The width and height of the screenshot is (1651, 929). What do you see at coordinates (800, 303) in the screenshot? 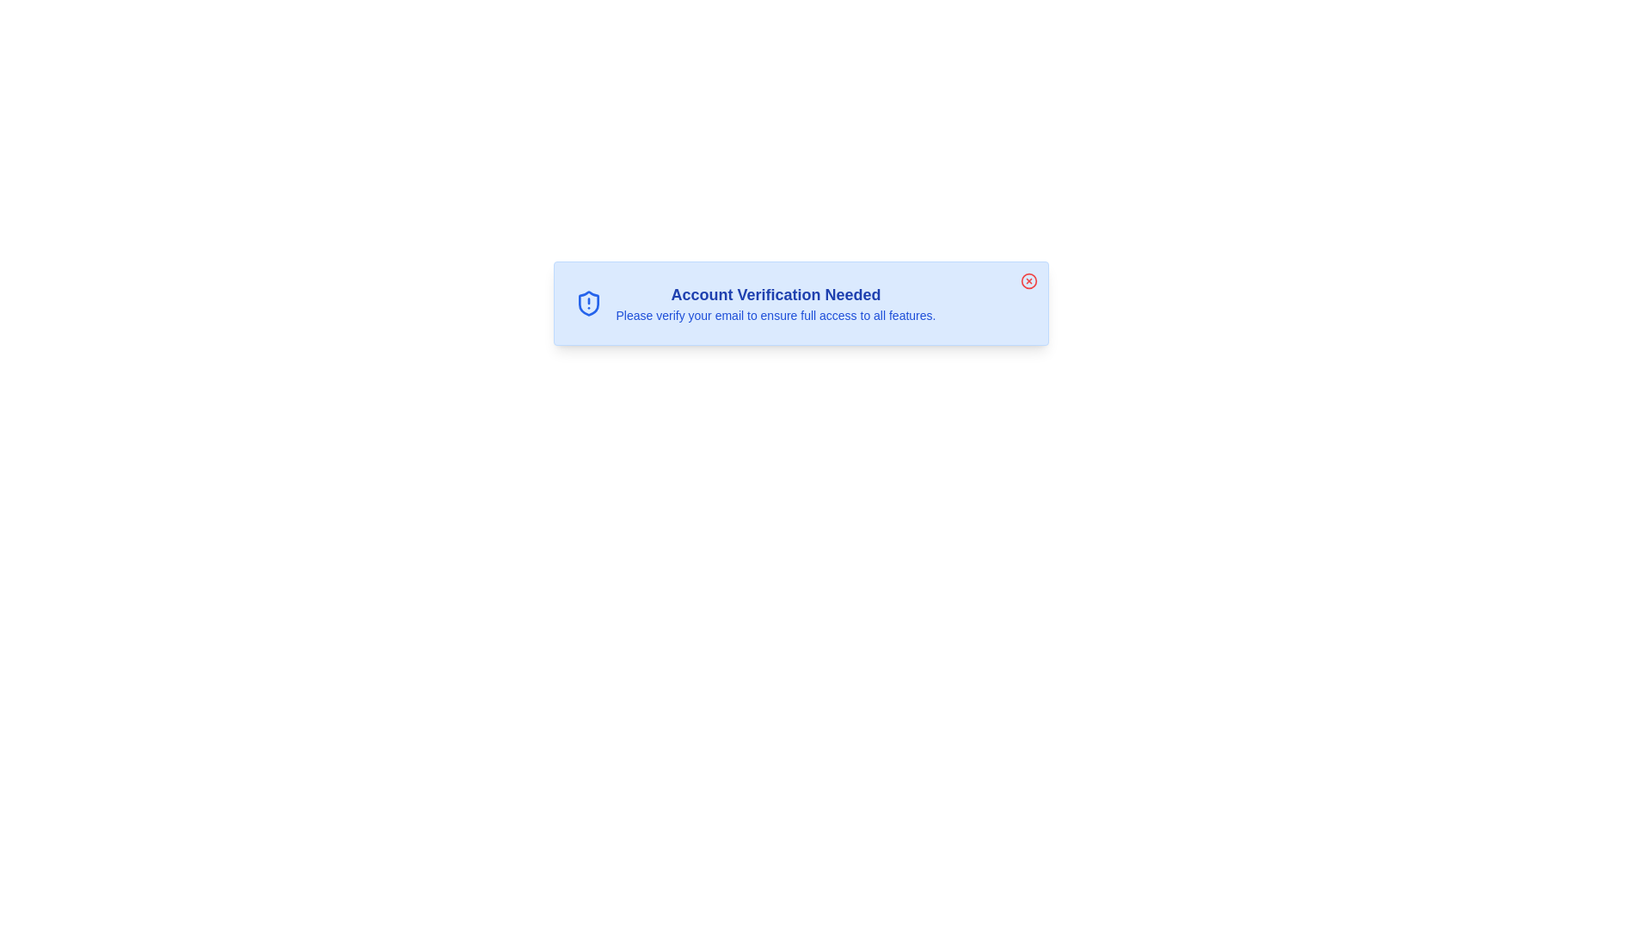
I see `information displayed in the Informational Alert with the title 'Account Verification Needed', which includes a shield icon and a description below the title` at bounding box center [800, 303].